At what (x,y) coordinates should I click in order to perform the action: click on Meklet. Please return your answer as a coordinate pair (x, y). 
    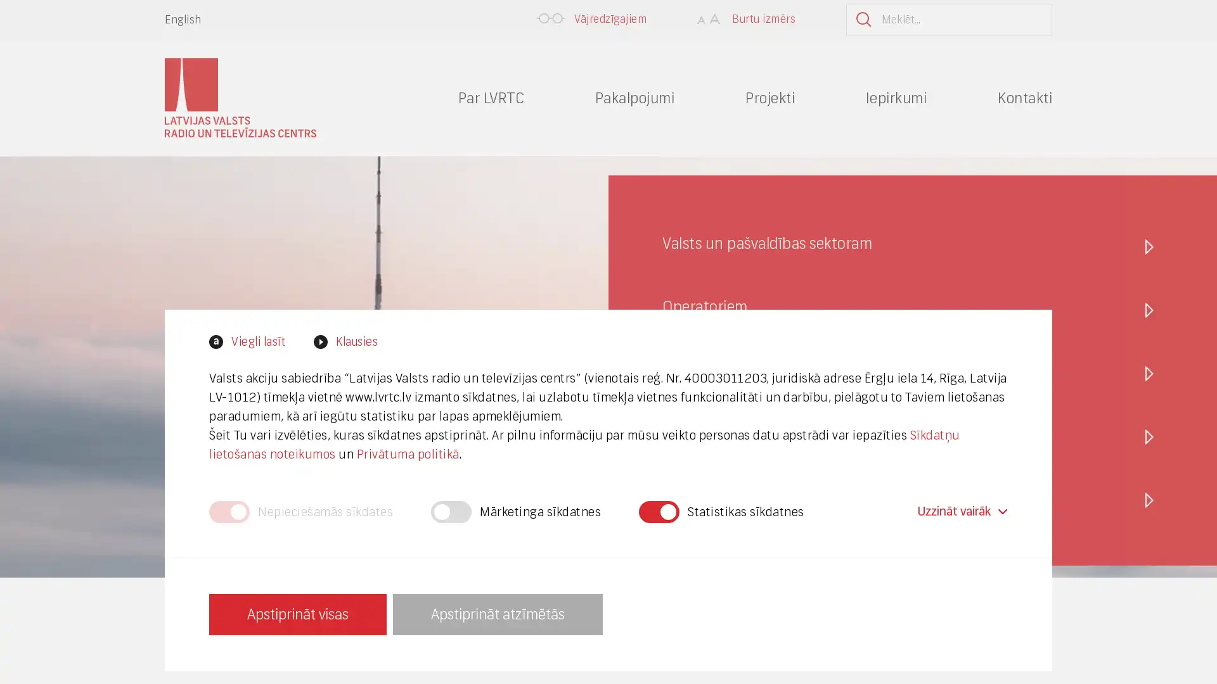
    Looking at the image, I should click on (1020, 19).